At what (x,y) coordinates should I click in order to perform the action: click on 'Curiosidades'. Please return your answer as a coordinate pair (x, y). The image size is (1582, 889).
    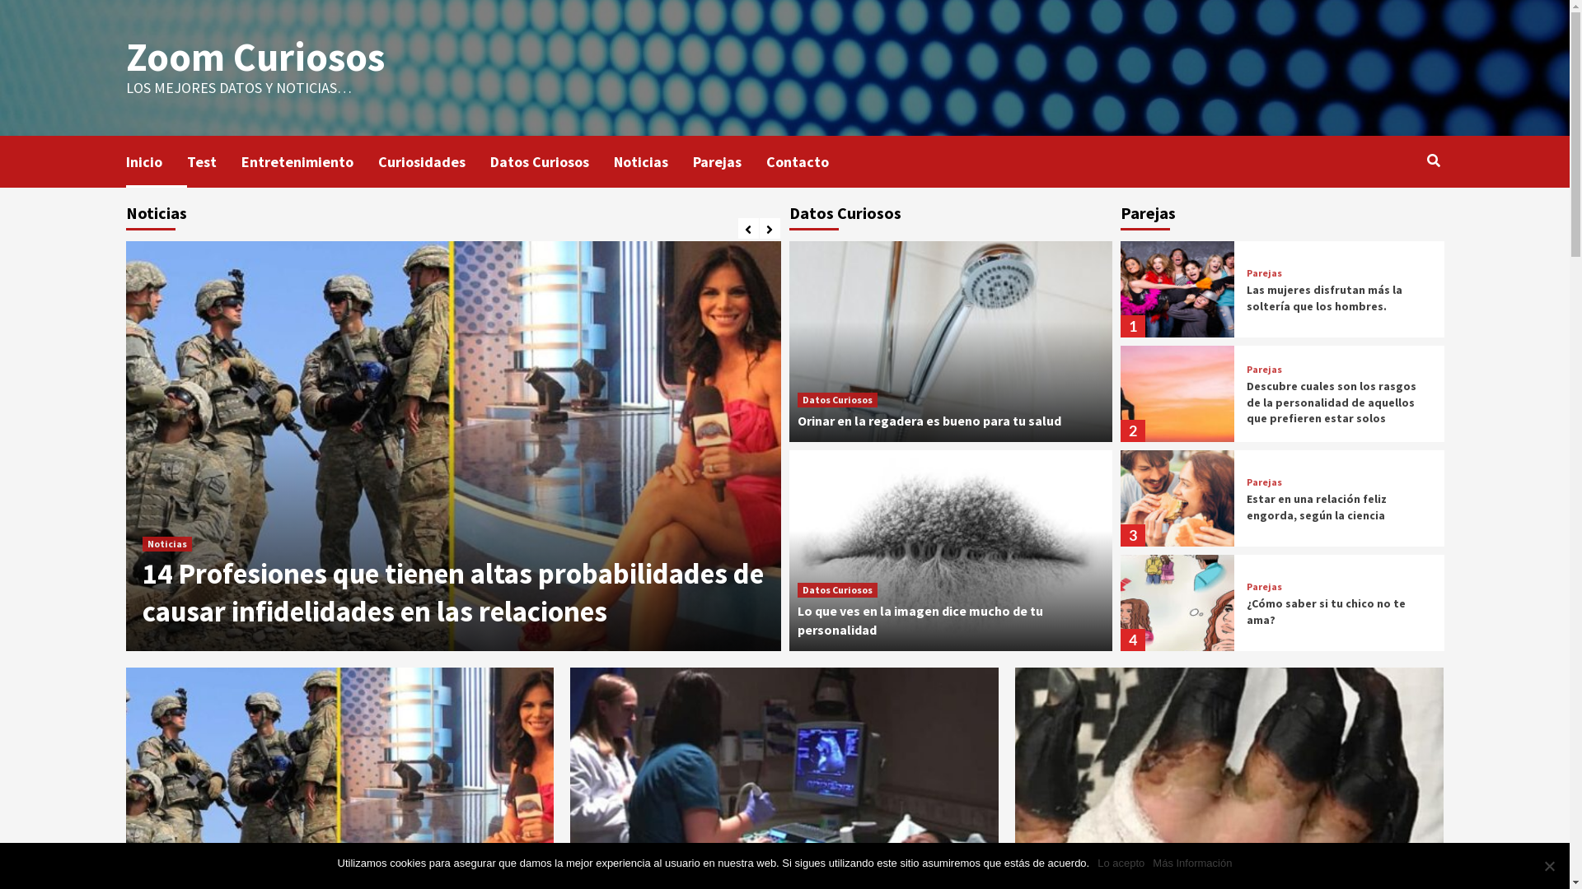
    Looking at the image, I should click on (433, 161).